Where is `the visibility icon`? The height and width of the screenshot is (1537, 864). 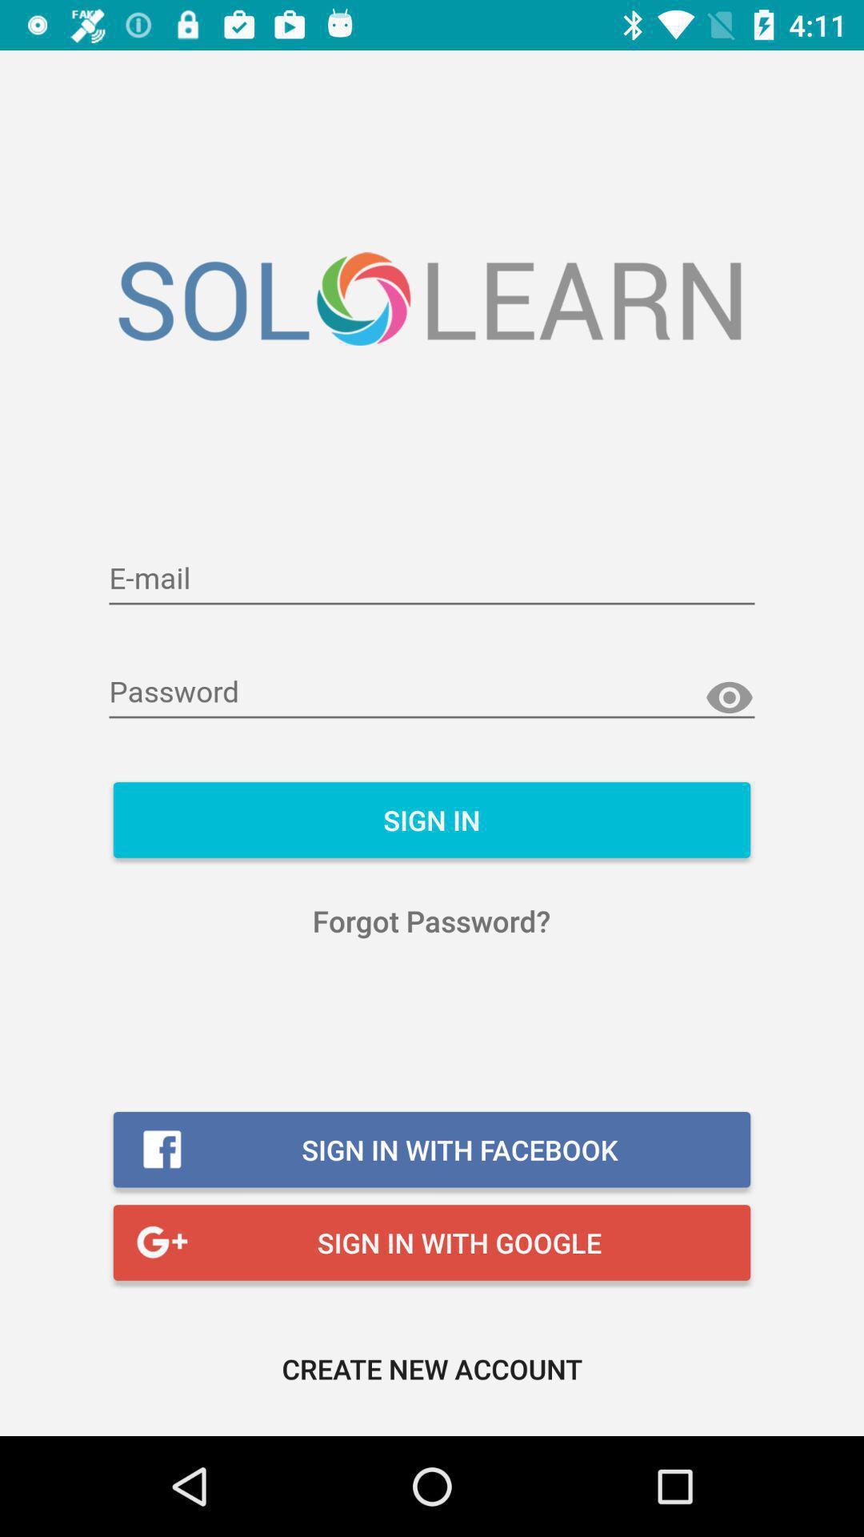
the visibility icon is located at coordinates (729, 698).